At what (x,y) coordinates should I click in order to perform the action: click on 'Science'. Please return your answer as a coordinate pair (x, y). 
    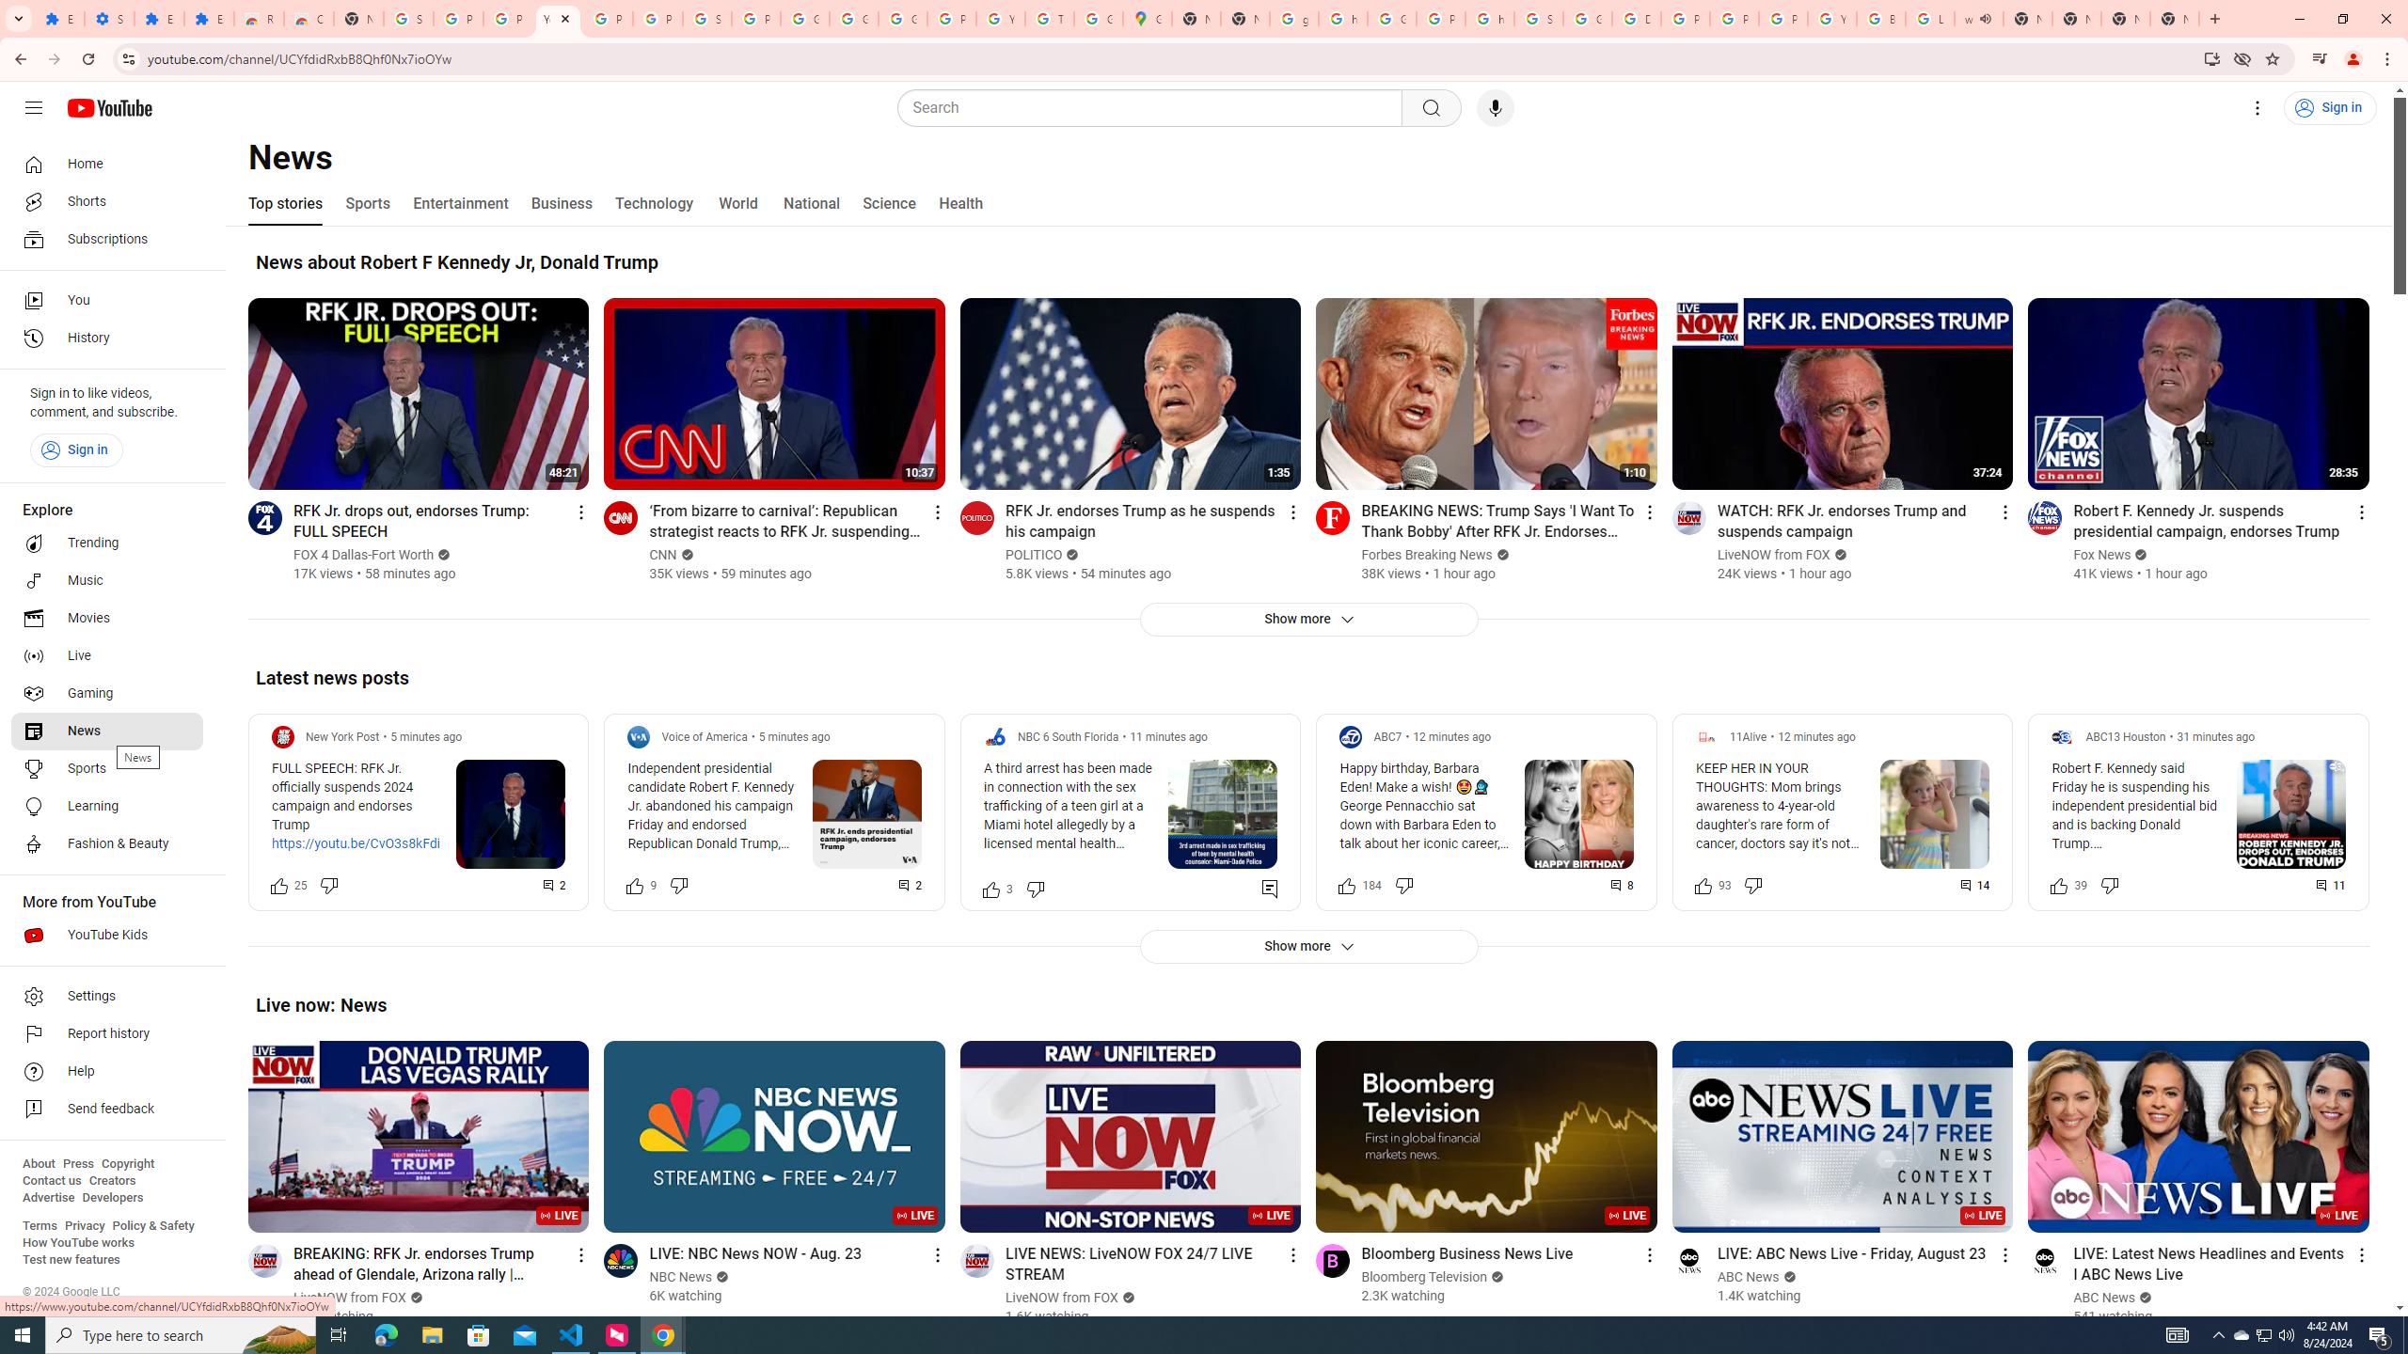
    Looking at the image, I should click on (887, 202).